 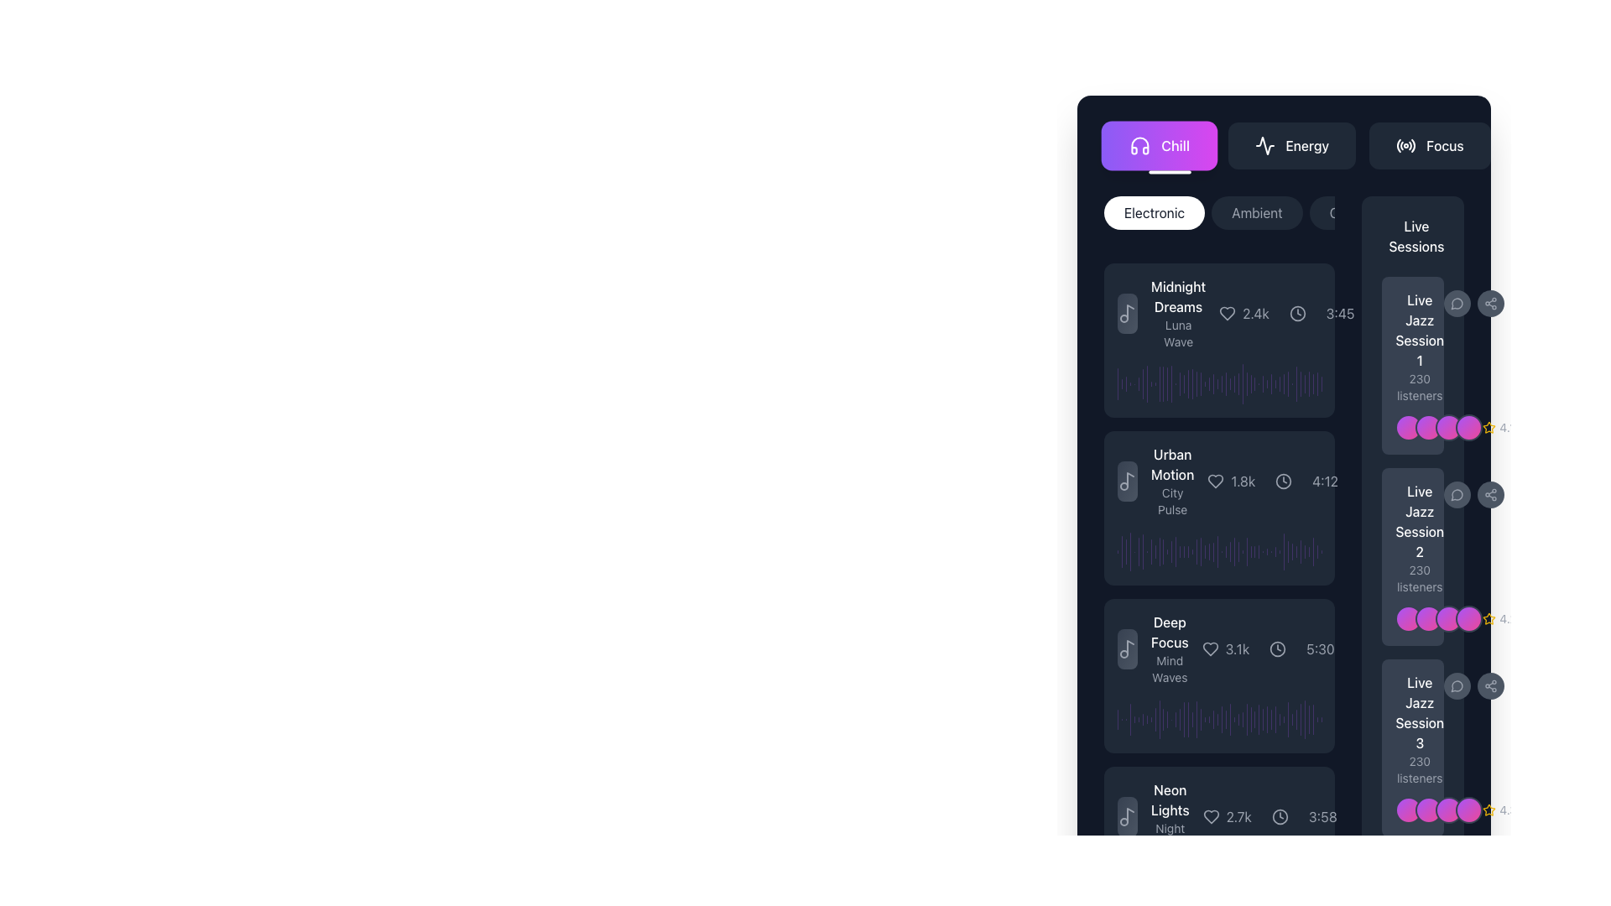 What do you see at coordinates (1491, 304) in the screenshot?
I see `the share button located in the bottom-right corner, positioned below a magnifying glass icon and above a shaded rating star symbol, to share the content` at bounding box center [1491, 304].